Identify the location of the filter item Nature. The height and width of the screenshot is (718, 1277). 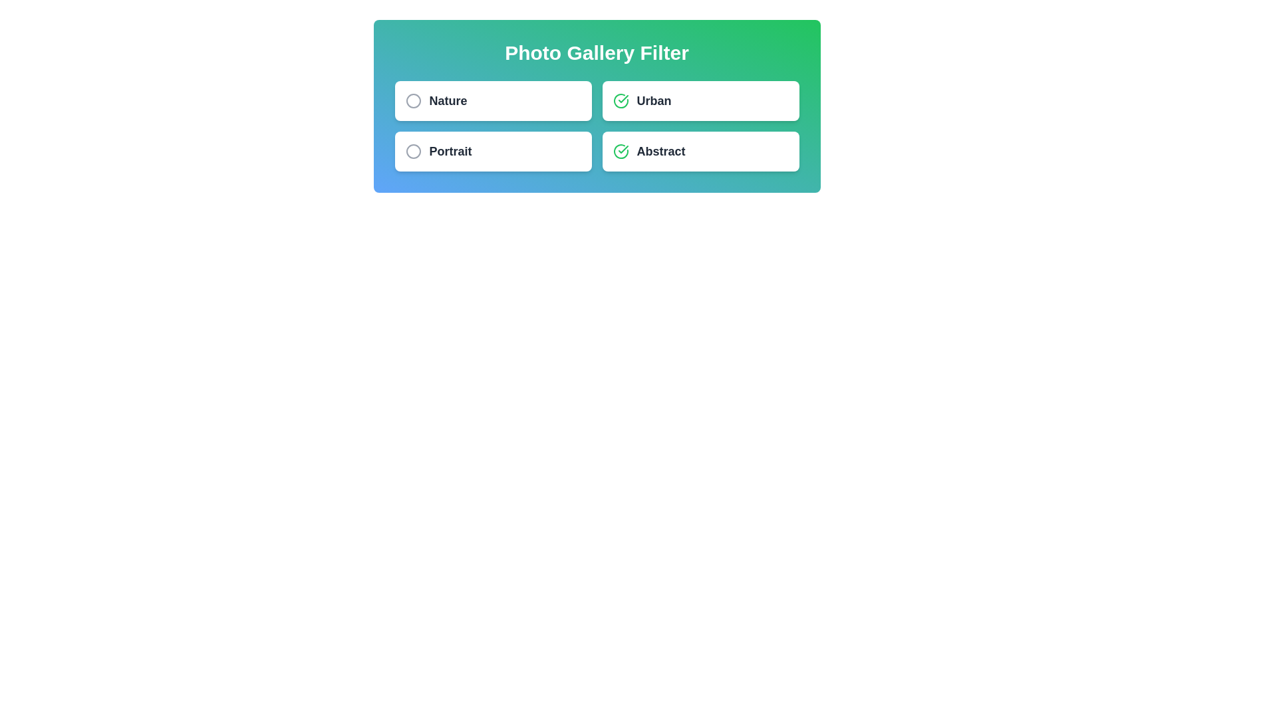
(492, 100).